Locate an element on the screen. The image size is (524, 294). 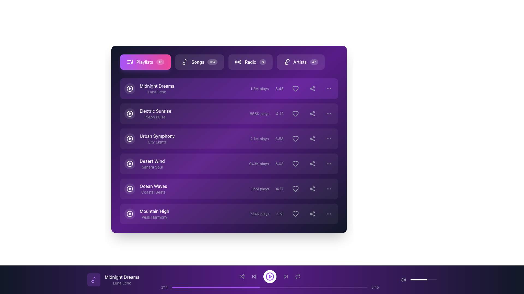
the 'Ocean Waves' text element, which is displayed in white color with medium font weight, located above 'Coastal Beats' in a playlist interface is located at coordinates (153, 186).